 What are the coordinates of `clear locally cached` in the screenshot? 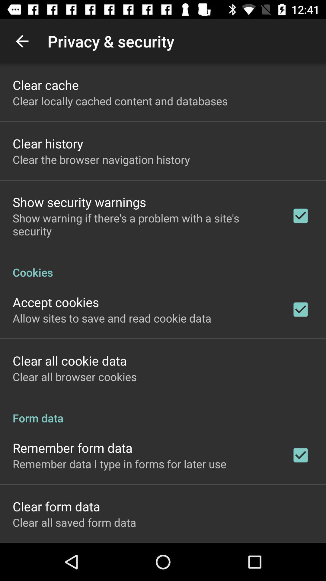 It's located at (120, 101).